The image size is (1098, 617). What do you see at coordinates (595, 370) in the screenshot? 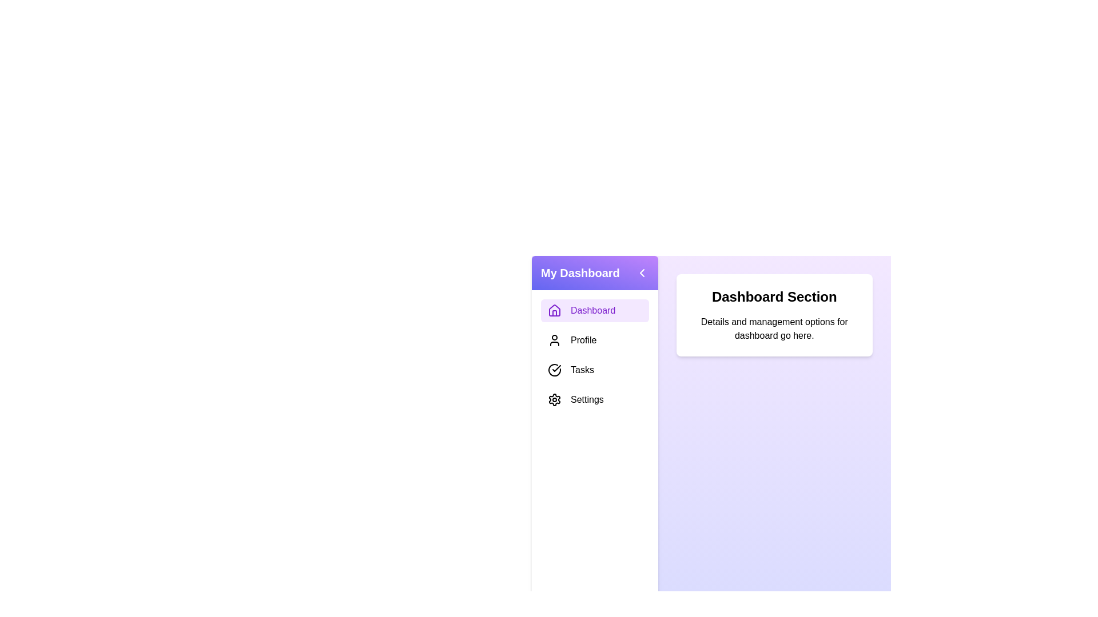
I see `the 'Tasks' button-like menu item in the sidebar` at bounding box center [595, 370].